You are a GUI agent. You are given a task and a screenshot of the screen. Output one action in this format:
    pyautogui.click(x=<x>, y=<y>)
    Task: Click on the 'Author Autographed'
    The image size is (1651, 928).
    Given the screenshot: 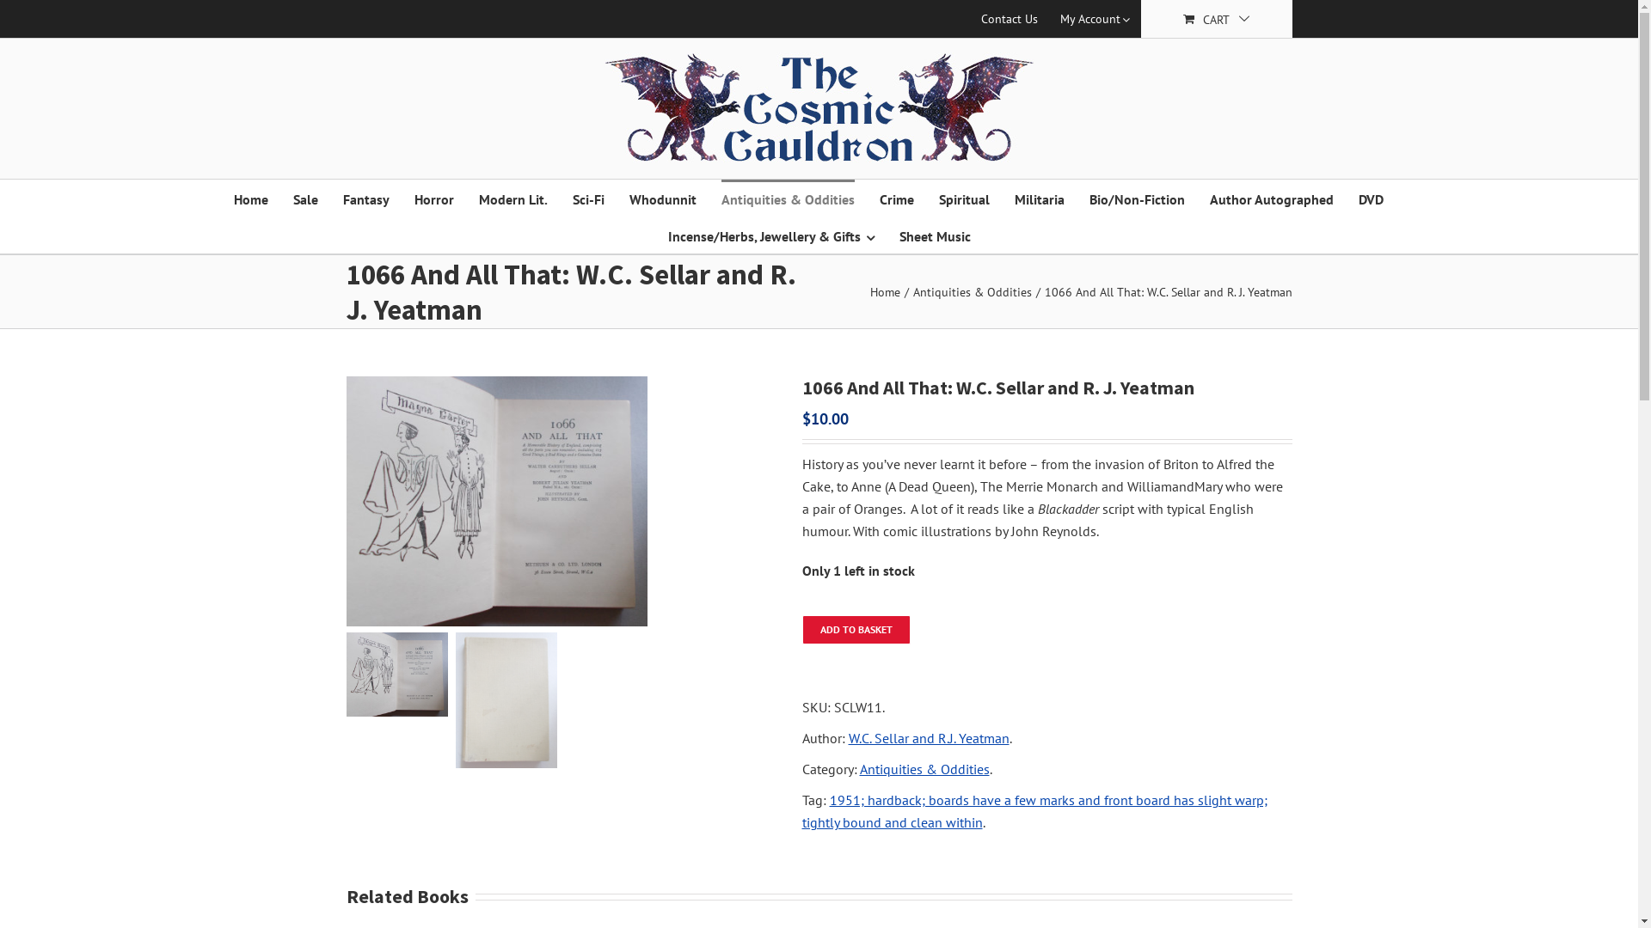 What is the action you would take?
    pyautogui.click(x=1271, y=197)
    